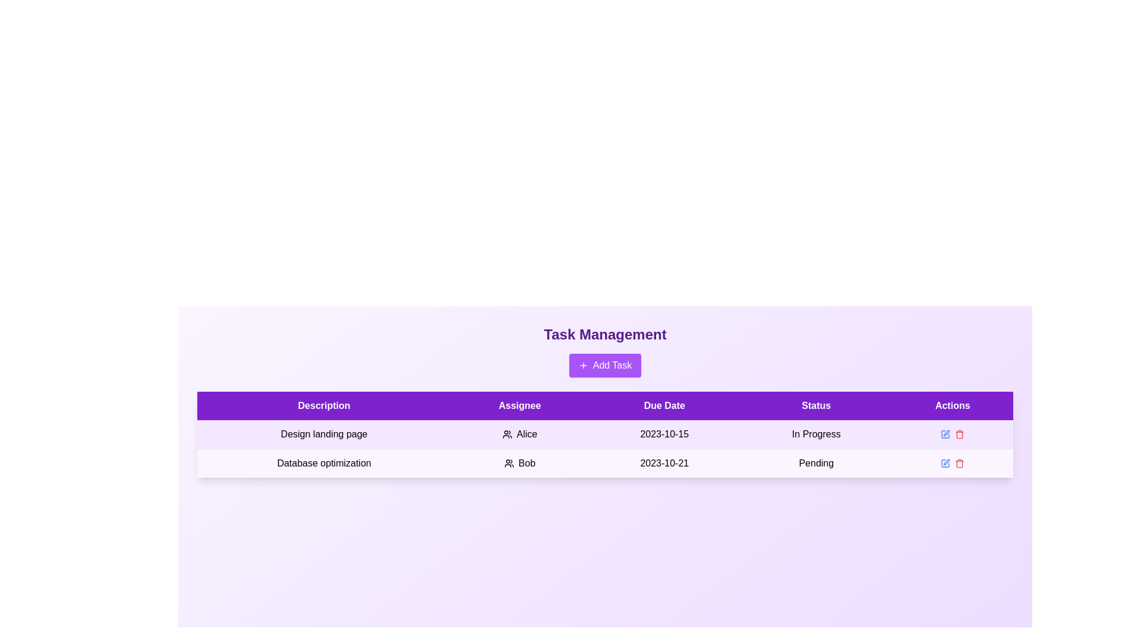  What do you see at coordinates (519, 434) in the screenshot?
I see `the text element in the 'Assignee' column of the first data row in the 'Task Management' section` at bounding box center [519, 434].